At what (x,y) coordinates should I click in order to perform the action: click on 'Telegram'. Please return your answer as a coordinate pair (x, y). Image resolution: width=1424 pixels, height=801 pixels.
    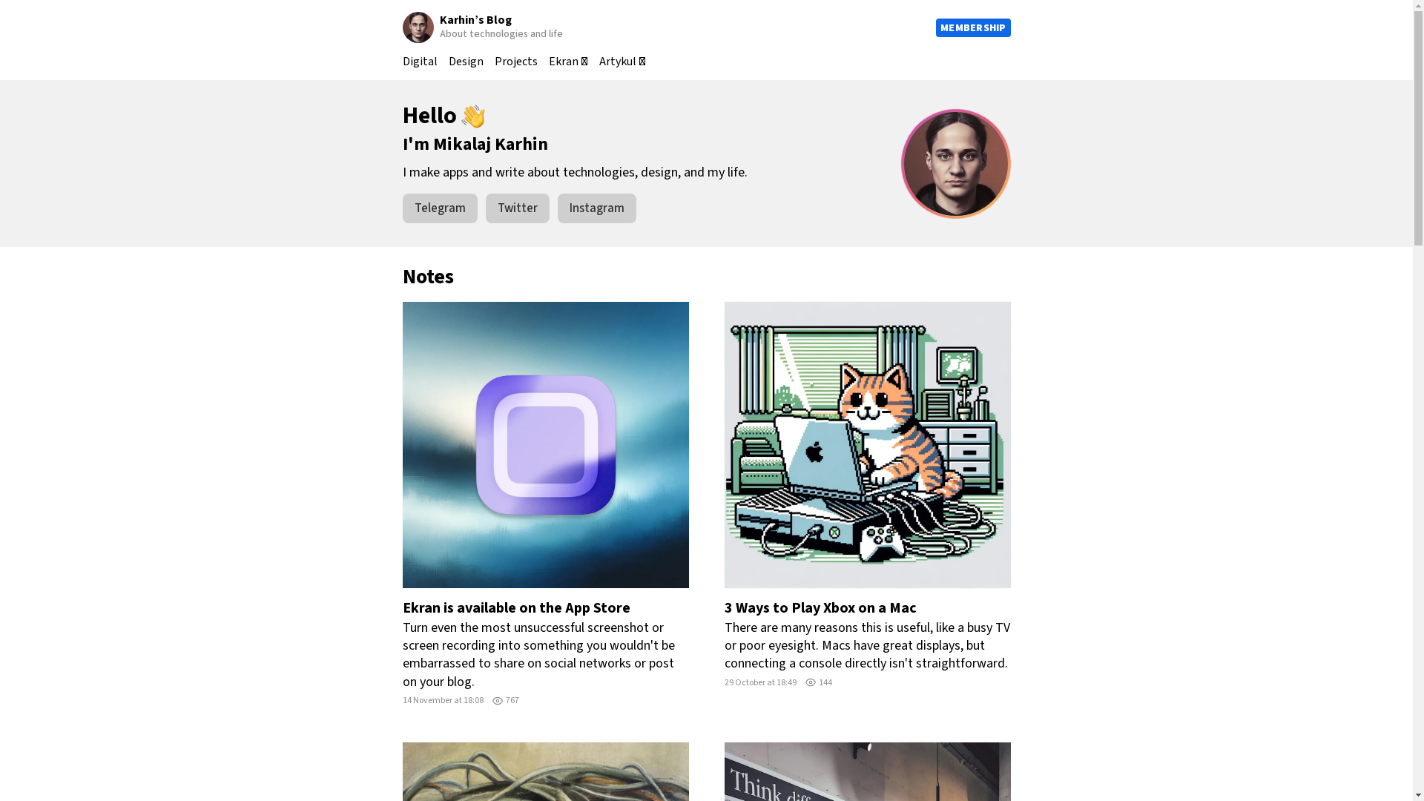
    Looking at the image, I should click on (438, 208).